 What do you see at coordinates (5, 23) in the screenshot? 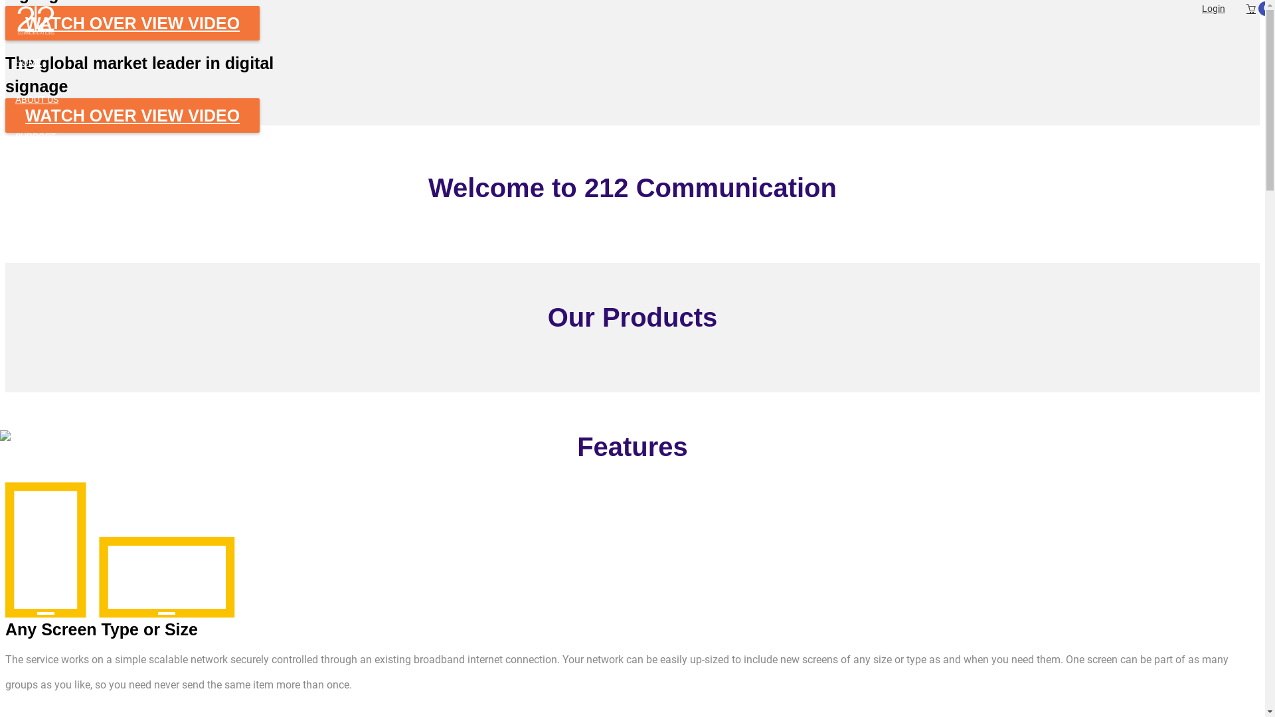
I see `'WATCH OVER VIEW VIDEO'` at bounding box center [5, 23].